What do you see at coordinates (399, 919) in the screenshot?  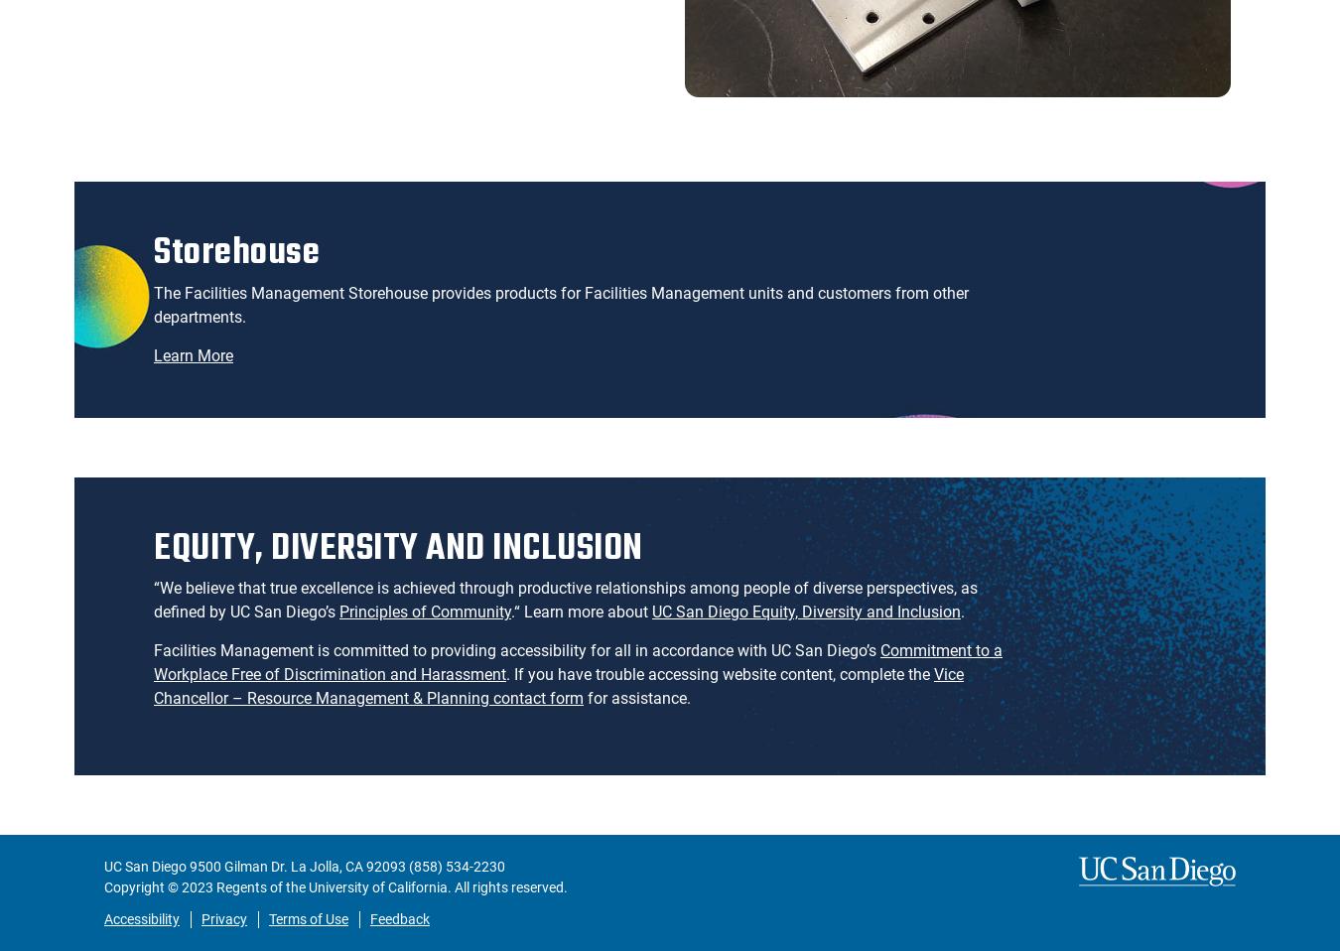 I see `'Feedback'` at bounding box center [399, 919].